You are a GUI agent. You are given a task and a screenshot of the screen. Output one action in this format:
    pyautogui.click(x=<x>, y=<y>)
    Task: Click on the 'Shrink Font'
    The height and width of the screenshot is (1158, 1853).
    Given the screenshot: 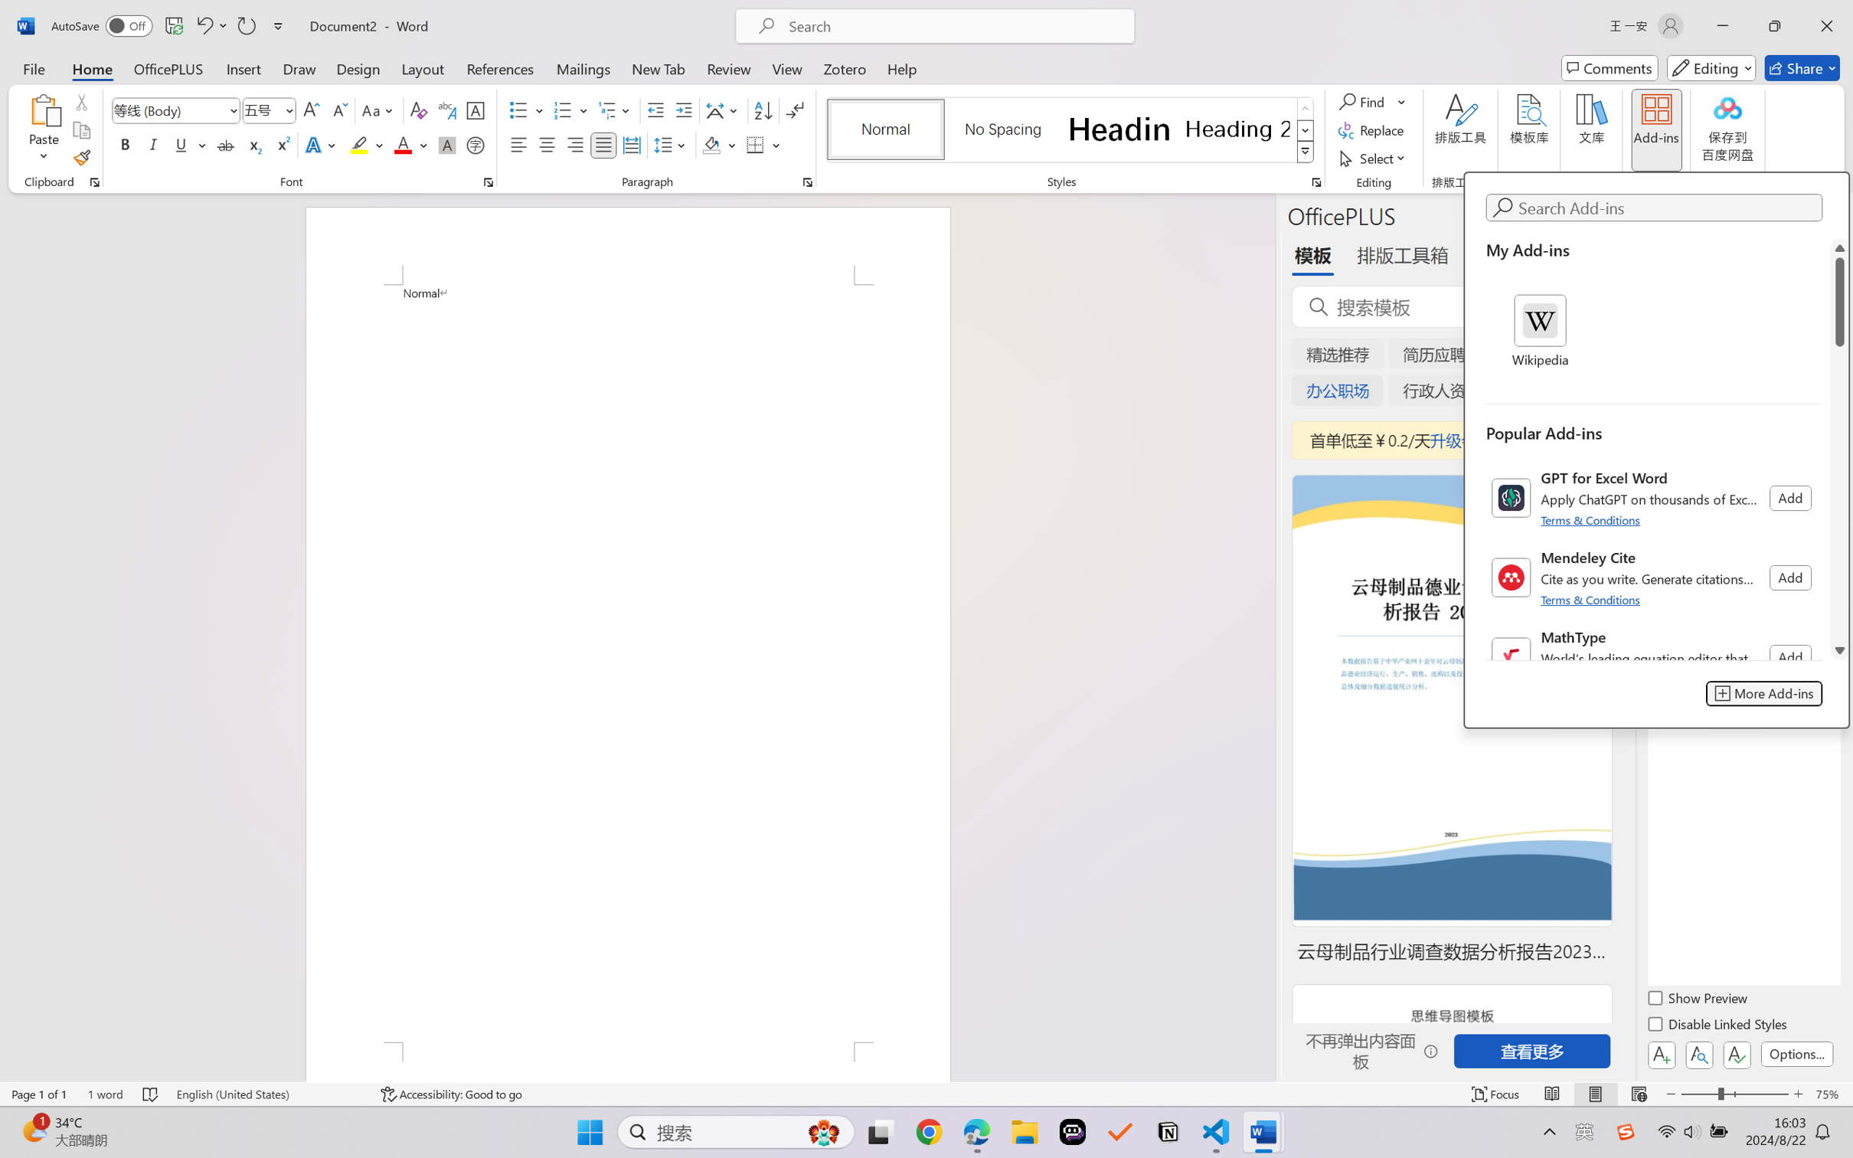 What is the action you would take?
    pyautogui.click(x=338, y=110)
    